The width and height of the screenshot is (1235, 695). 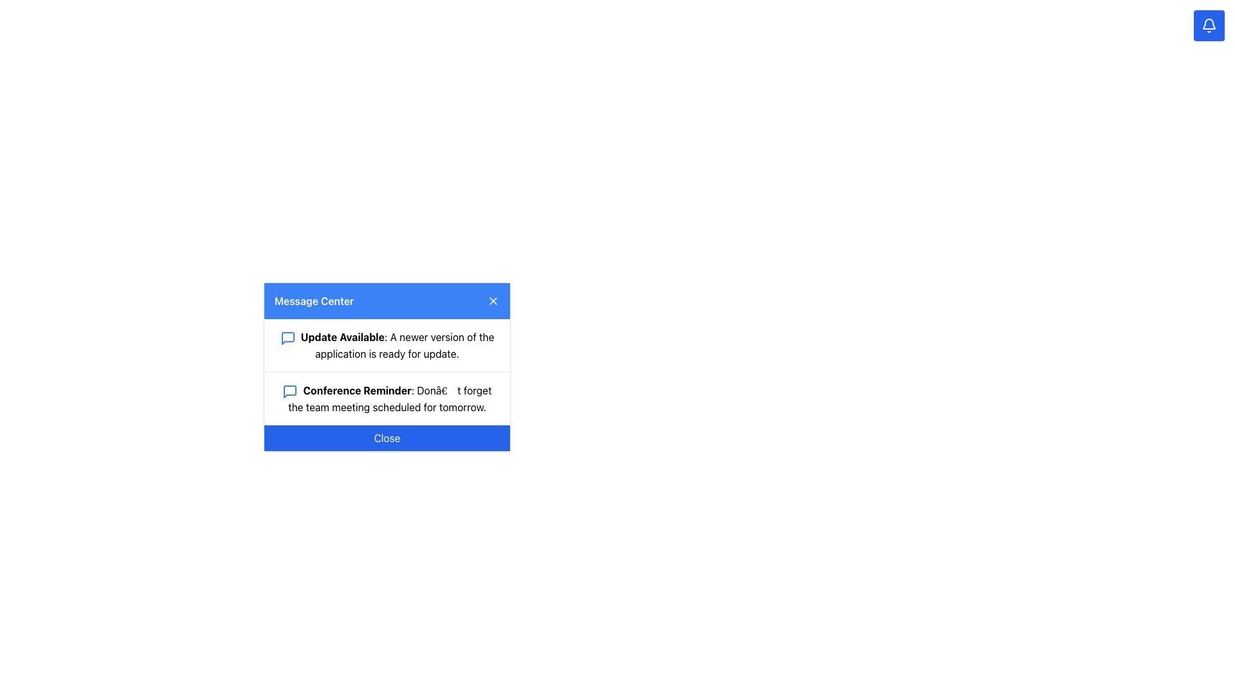 I want to click on the message icon representing the 'Conference Reminder' notification located to the left of the text in the second row of the 'Message Center' panel, so click(x=289, y=391).